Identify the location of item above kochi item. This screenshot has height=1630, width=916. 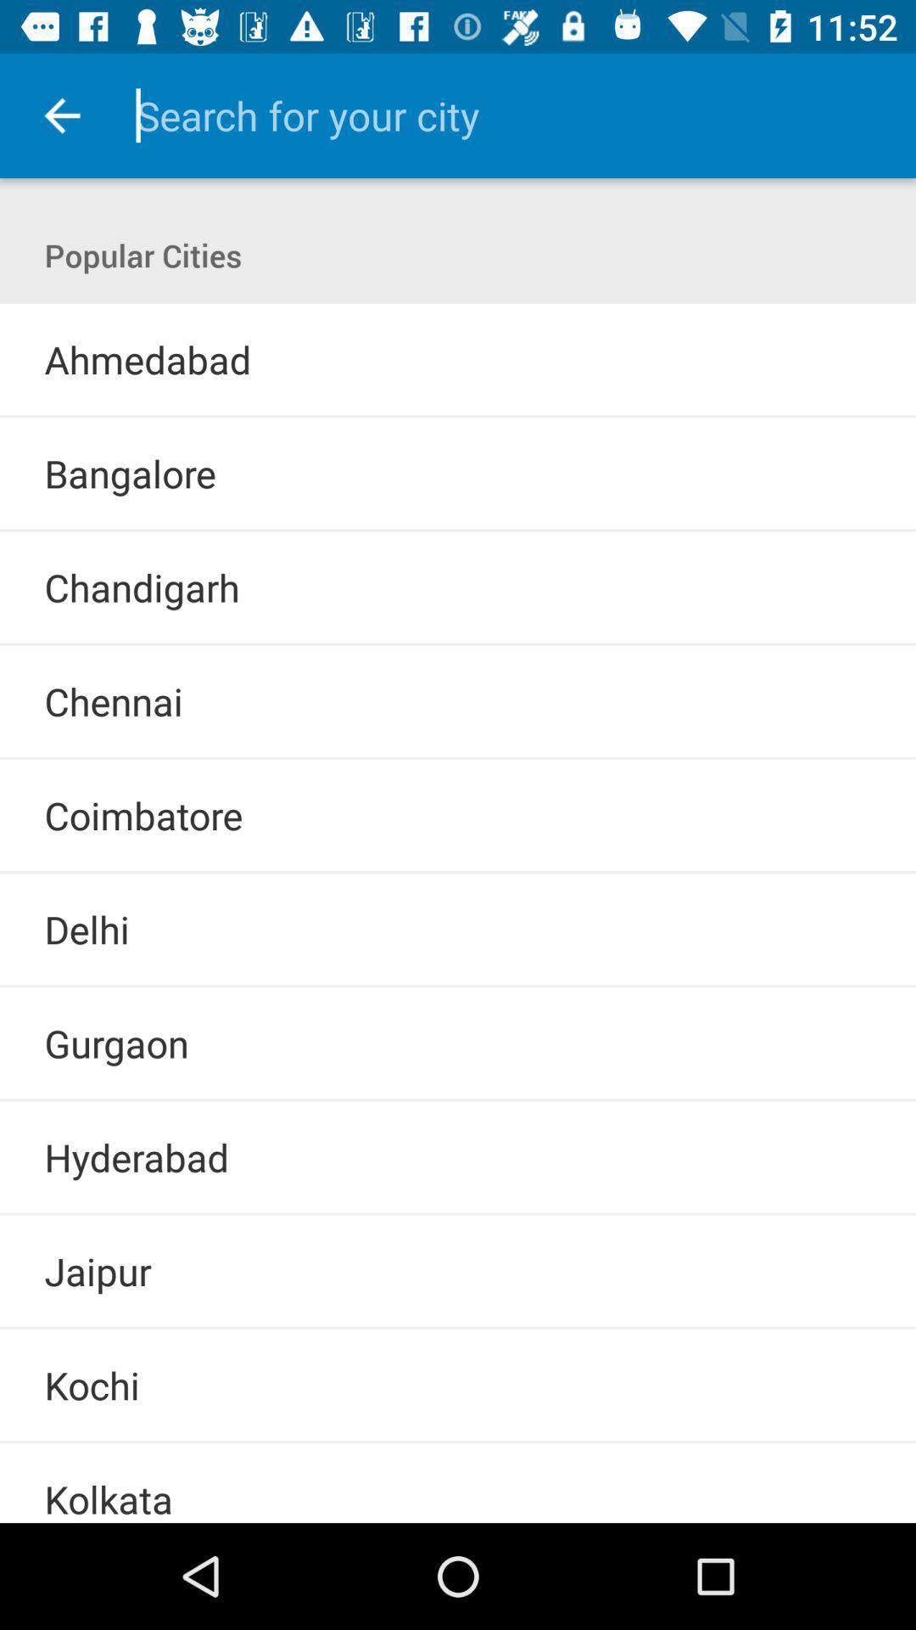
(458, 1327).